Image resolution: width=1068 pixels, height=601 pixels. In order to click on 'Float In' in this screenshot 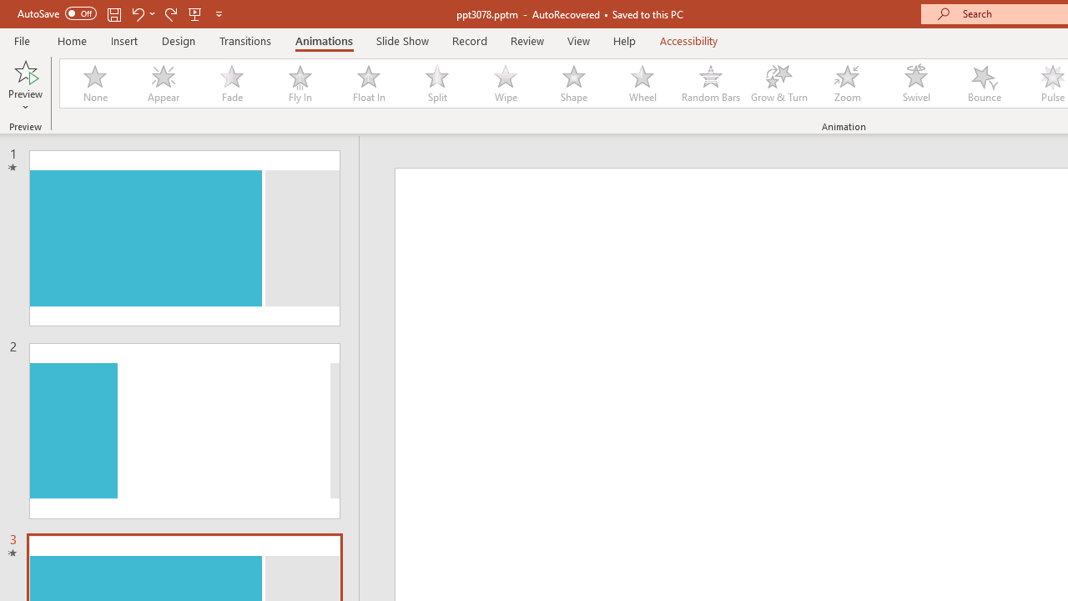, I will do `click(367, 83)`.